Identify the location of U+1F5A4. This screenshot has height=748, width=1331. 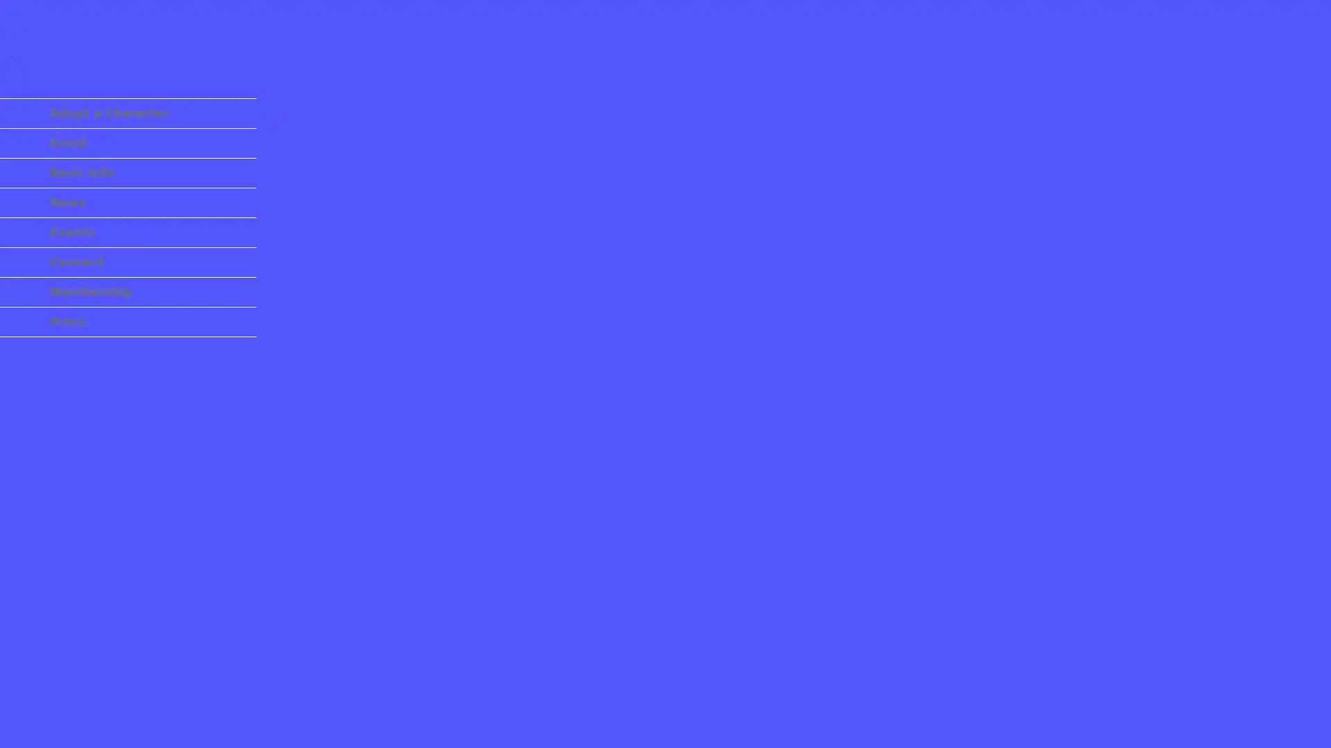
(738, 376).